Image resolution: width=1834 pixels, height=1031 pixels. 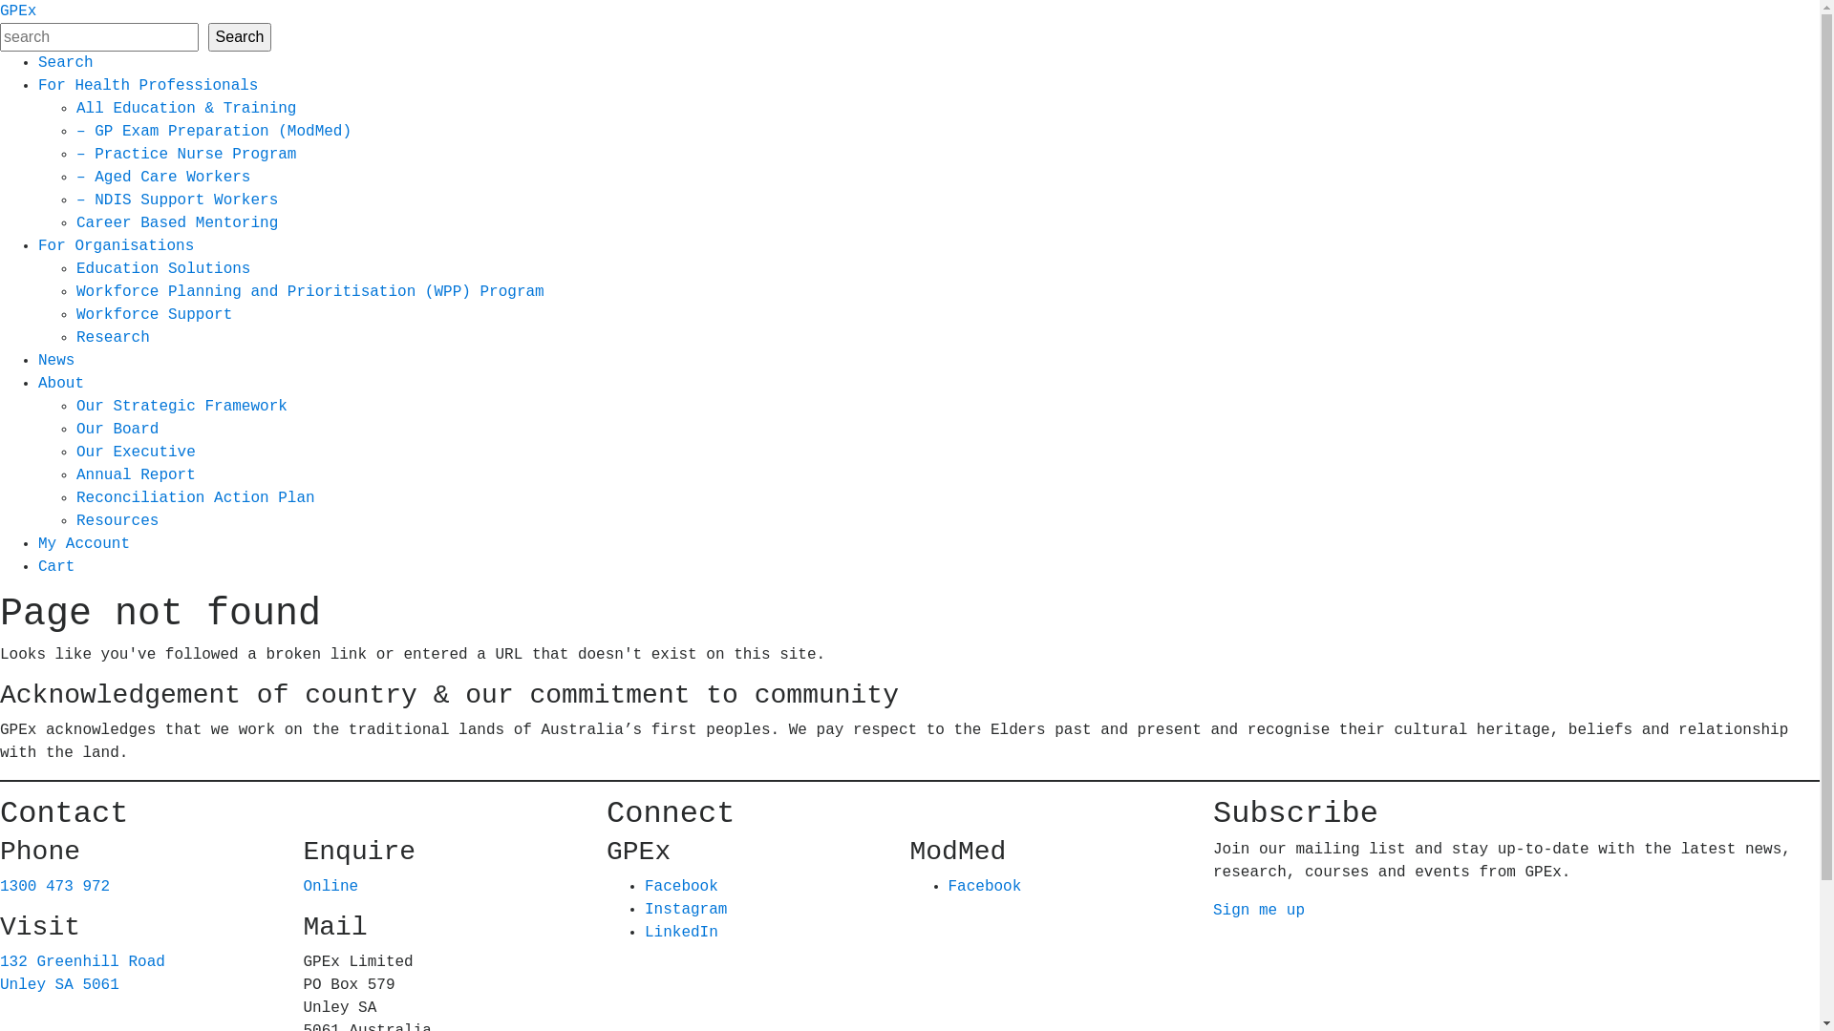 What do you see at coordinates (0, 887) in the screenshot?
I see `'1300 473 972'` at bounding box center [0, 887].